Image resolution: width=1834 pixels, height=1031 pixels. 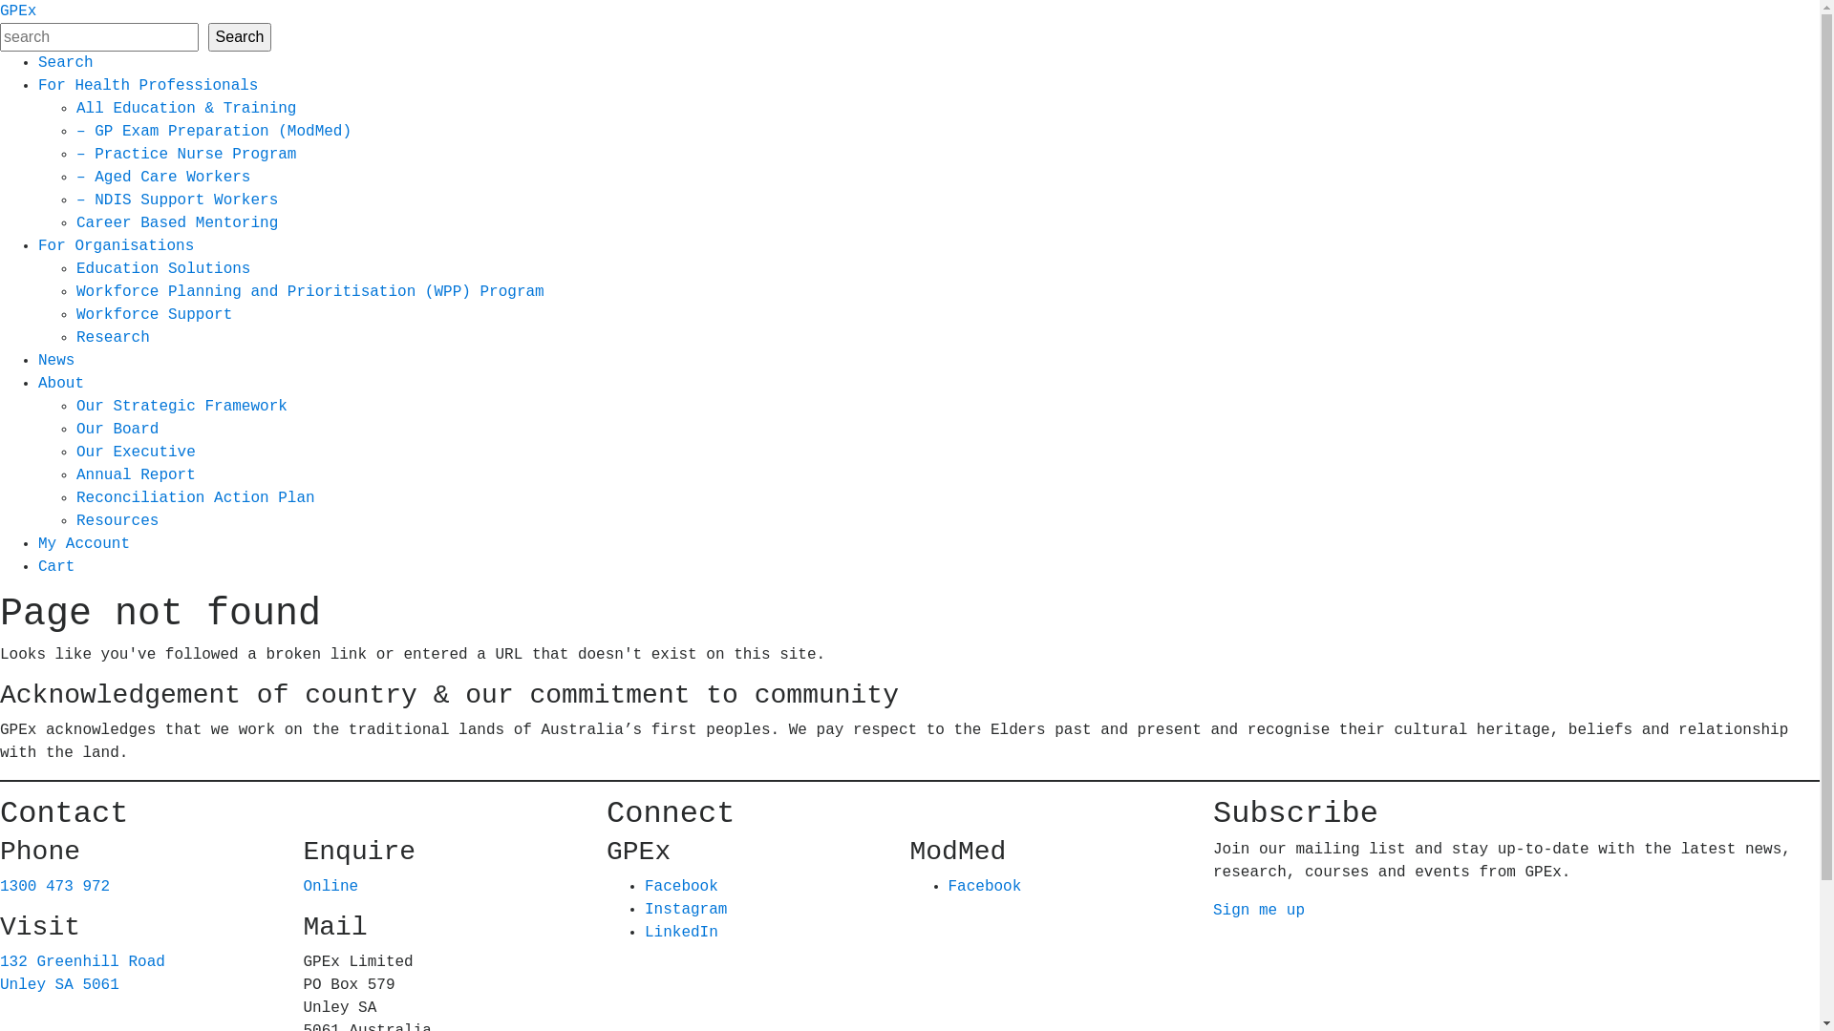 What do you see at coordinates (0, 887) in the screenshot?
I see `'1300 473 972'` at bounding box center [0, 887].